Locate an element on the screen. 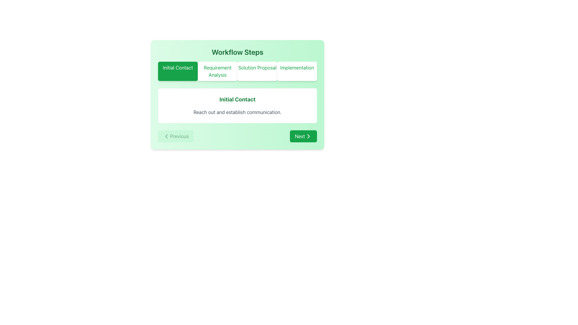 The width and height of the screenshot is (578, 325). the 'Previous' button which contains the backward navigation icon to go to the previous step is located at coordinates (166, 136).